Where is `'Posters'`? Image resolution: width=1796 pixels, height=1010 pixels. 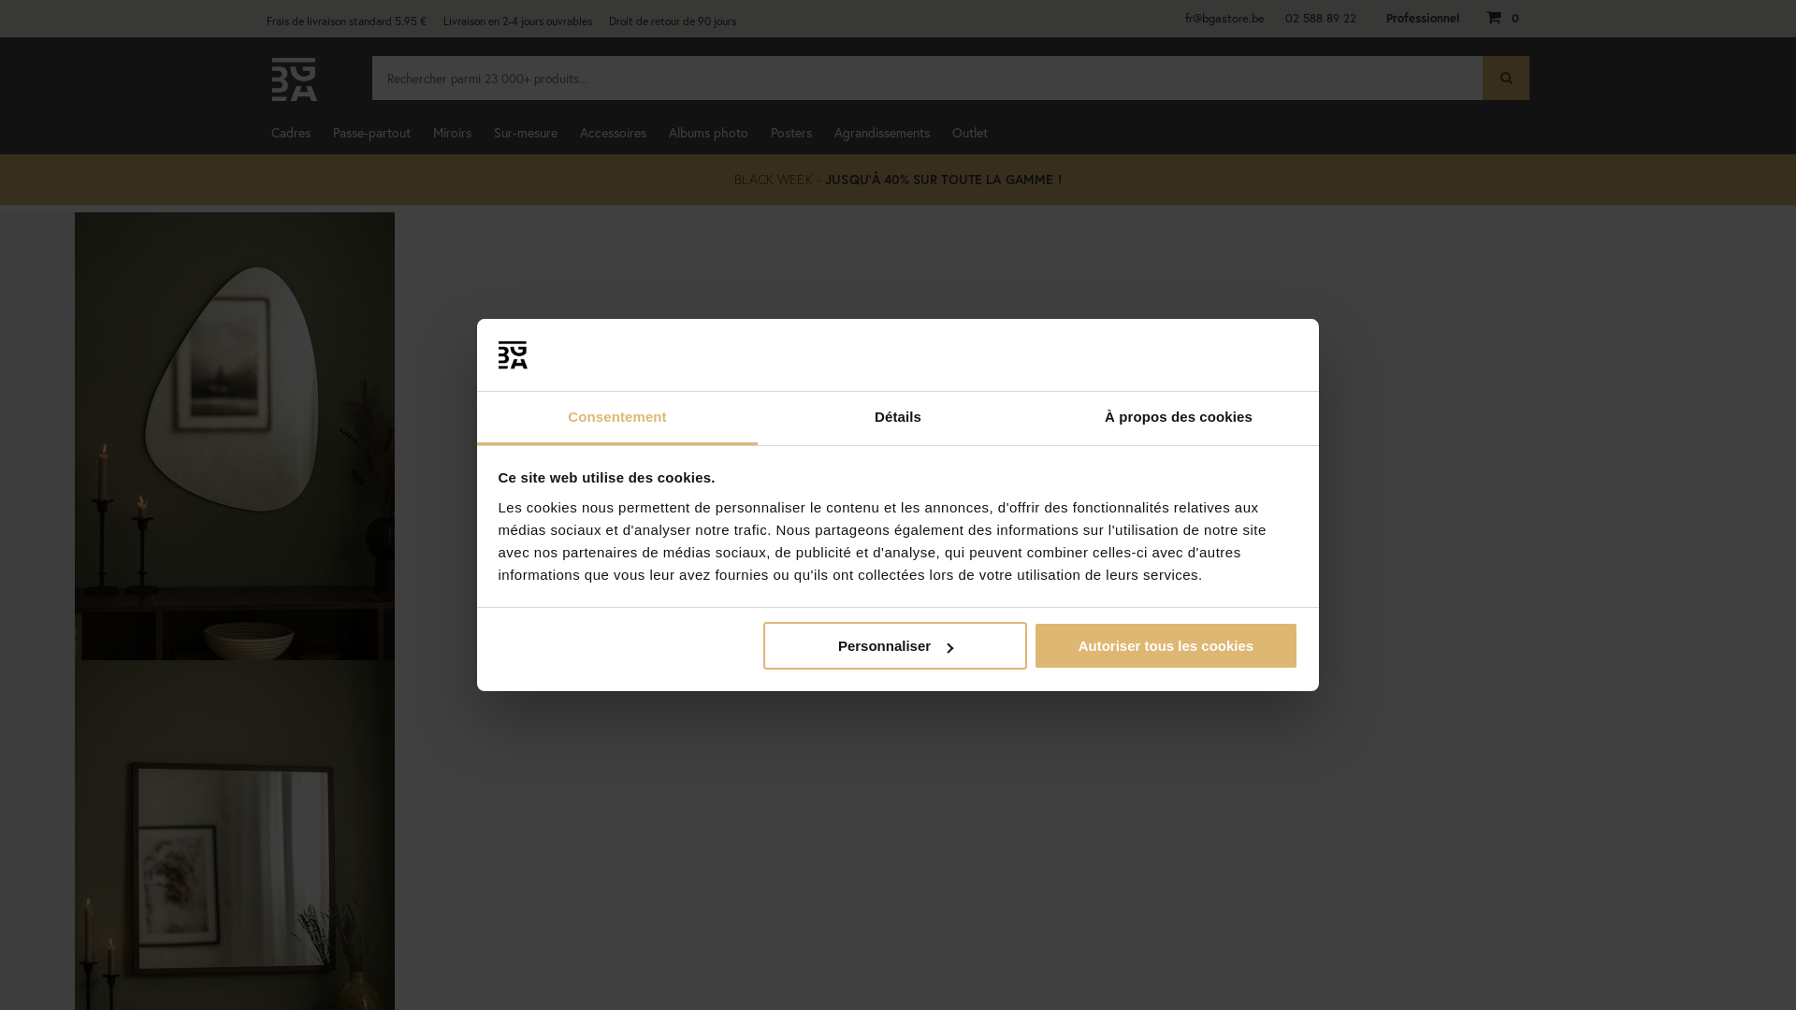 'Posters' is located at coordinates (761, 131).